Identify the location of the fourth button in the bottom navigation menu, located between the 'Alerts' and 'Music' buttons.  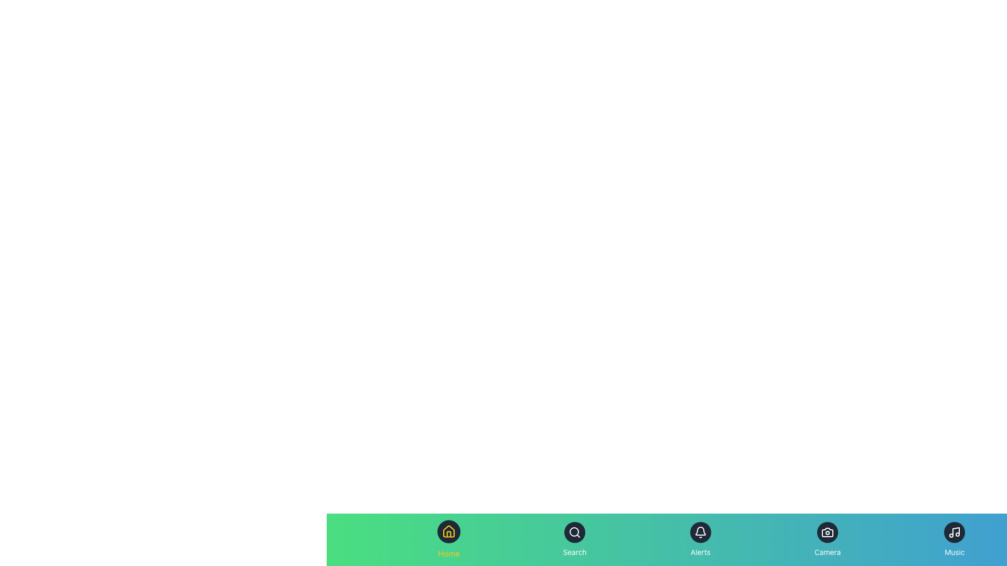
(827, 539).